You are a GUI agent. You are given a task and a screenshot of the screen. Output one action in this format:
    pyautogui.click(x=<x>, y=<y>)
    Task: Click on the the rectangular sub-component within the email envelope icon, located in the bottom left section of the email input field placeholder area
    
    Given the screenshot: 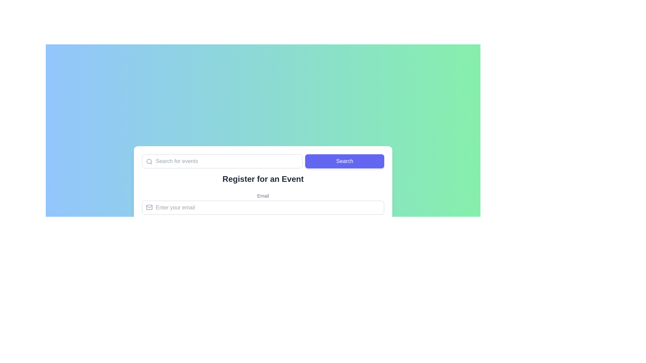 What is the action you would take?
    pyautogui.click(x=149, y=207)
    